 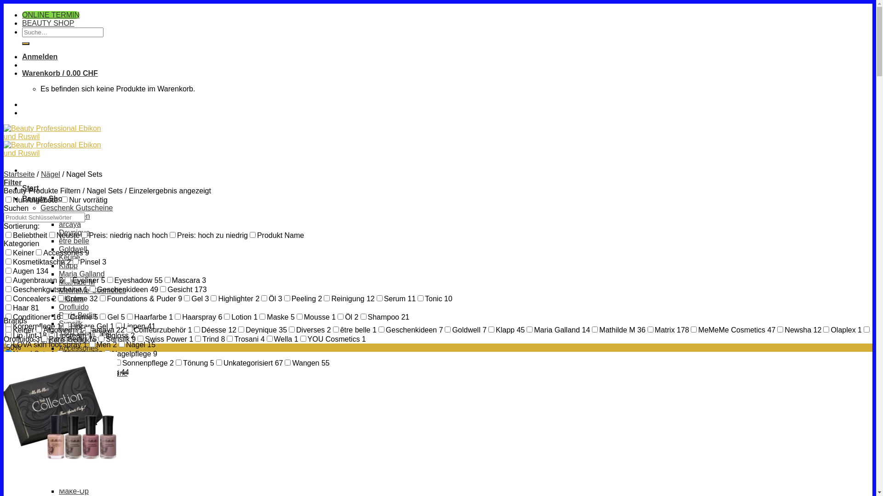 I want to click on 'Beauty Shop', so click(x=44, y=198).